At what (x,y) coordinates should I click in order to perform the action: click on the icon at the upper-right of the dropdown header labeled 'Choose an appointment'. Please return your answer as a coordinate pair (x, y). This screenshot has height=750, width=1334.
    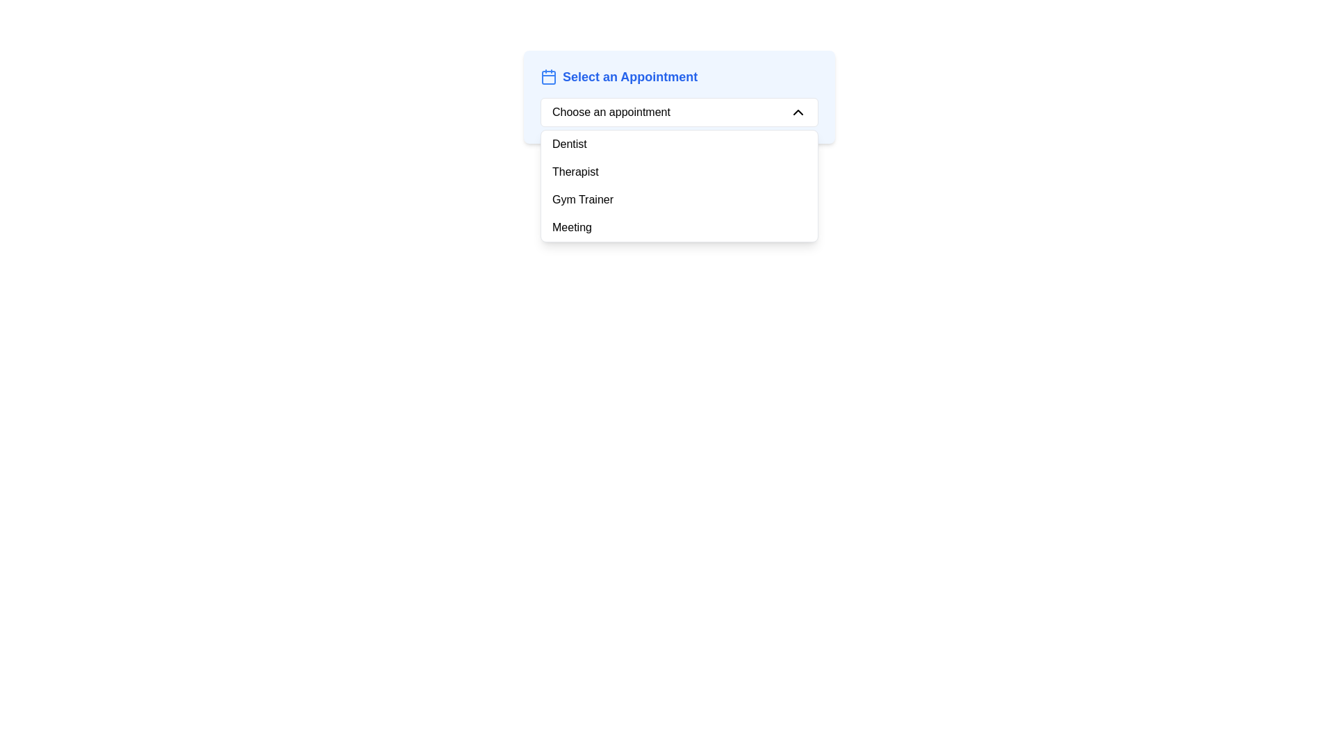
    Looking at the image, I should click on (798, 112).